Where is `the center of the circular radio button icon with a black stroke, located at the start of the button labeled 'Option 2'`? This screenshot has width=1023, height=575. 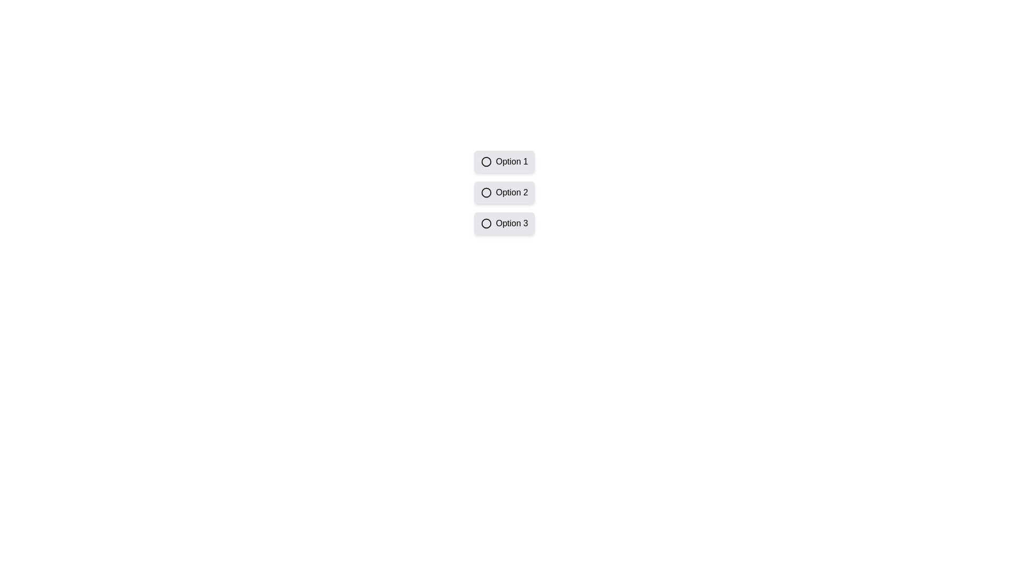 the center of the circular radio button icon with a black stroke, located at the start of the button labeled 'Option 2' is located at coordinates (485, 193).